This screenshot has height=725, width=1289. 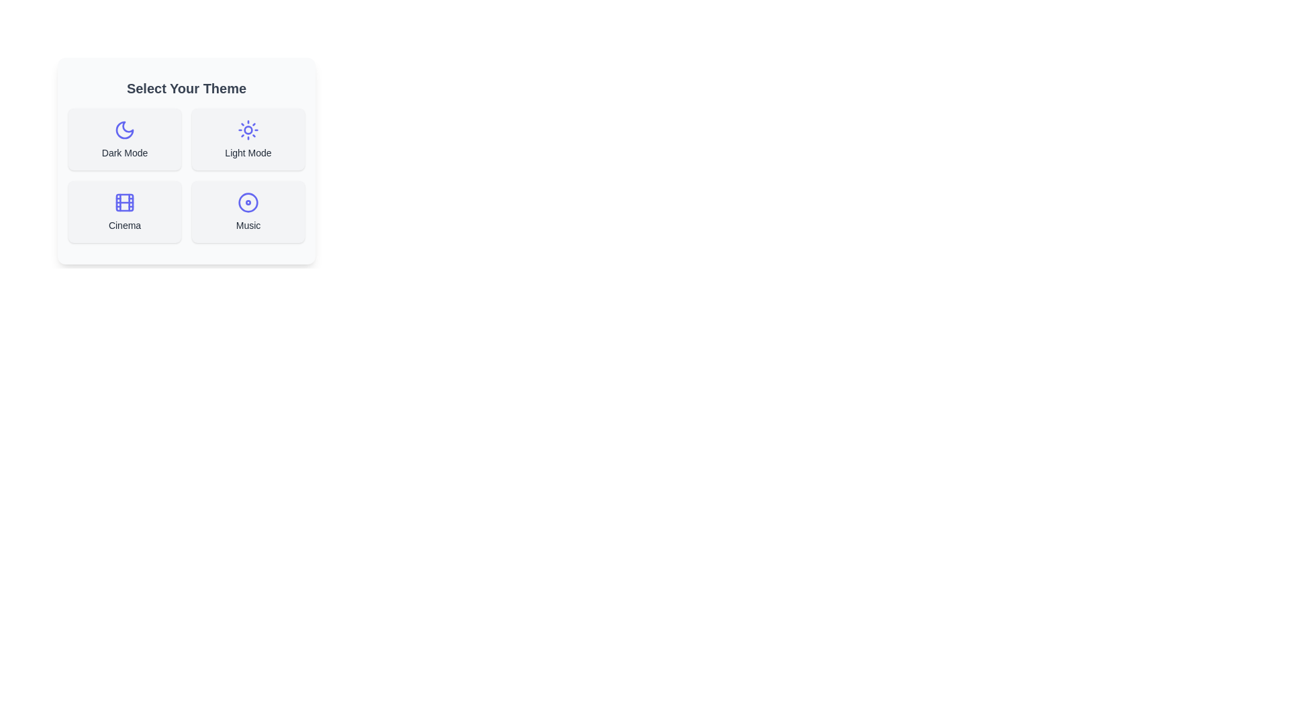 I want to click on the sun-like icon in the top-right option within the 'Select Your Theme' section, which features a rounded and modern vector design in indigo color, so click(x=248, y=130).